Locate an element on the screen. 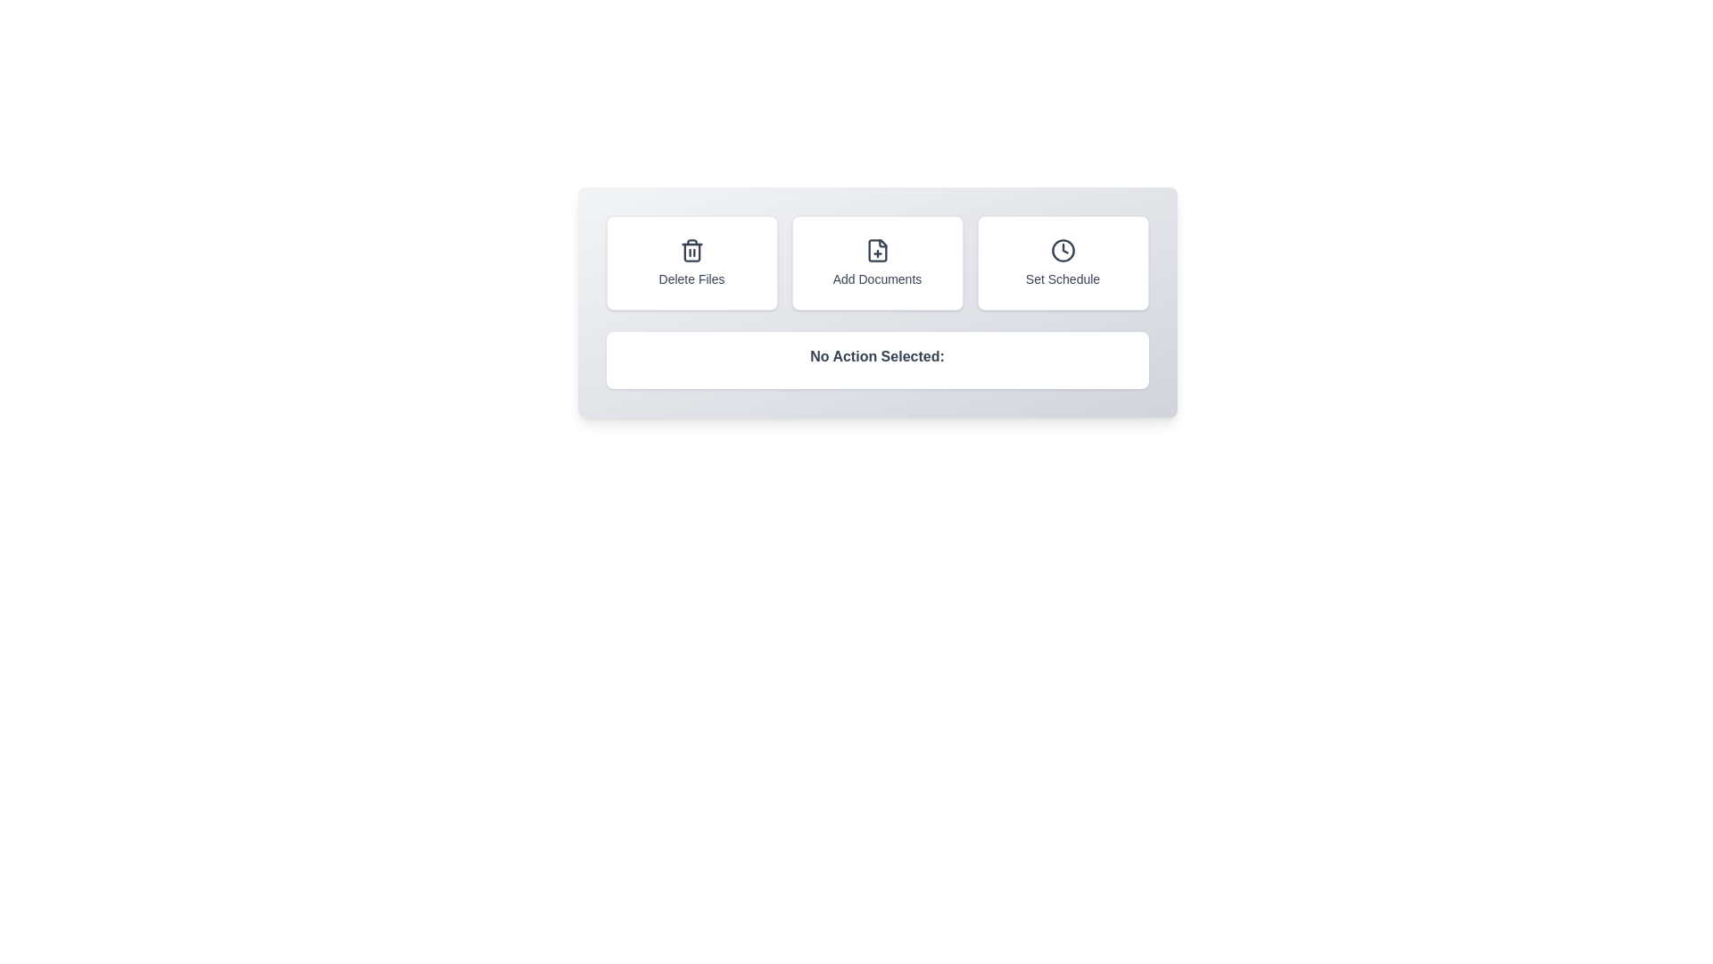 Image resolution: width=1713 pixels, height=964 pixels. the delete files icon, which is located at the top of the 'Delete Files' button, the first button in a row of three buttons is located at coordinates (691, 251).